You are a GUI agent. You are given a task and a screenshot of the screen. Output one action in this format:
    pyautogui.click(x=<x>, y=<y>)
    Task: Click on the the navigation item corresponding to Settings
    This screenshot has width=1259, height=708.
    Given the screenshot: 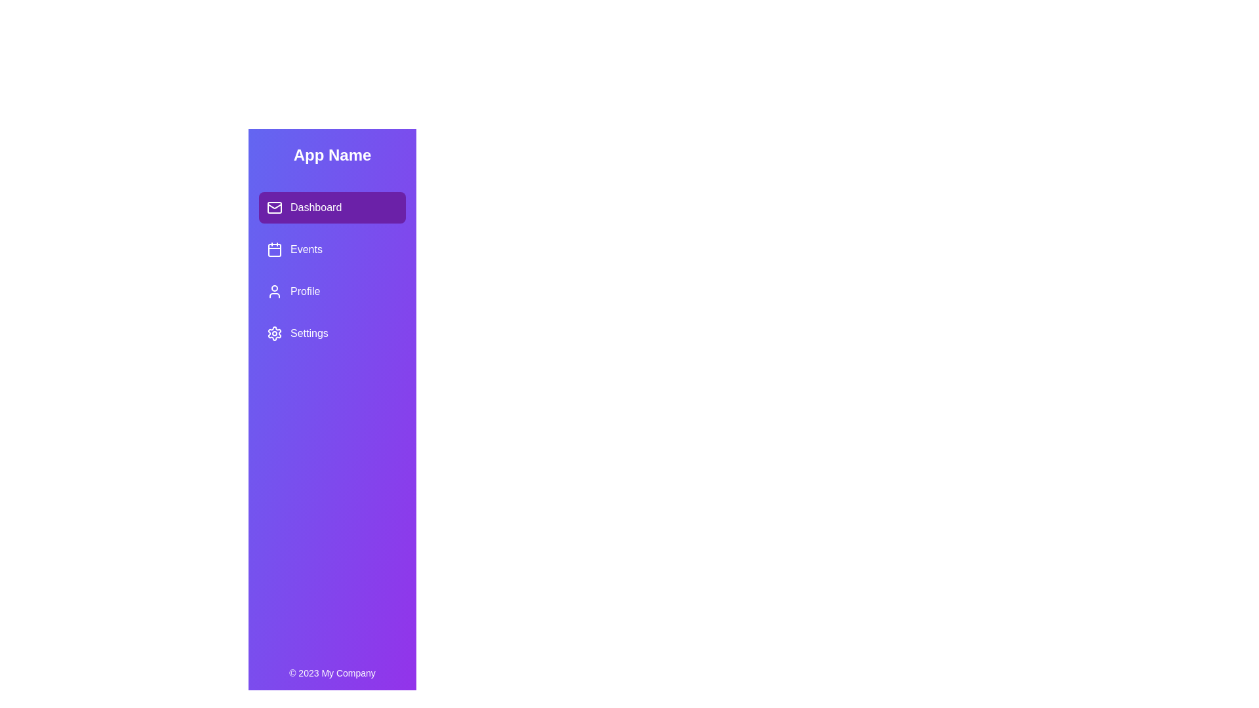 What is the action you would take?
    pyautogui.click(x=332, y=333)
    